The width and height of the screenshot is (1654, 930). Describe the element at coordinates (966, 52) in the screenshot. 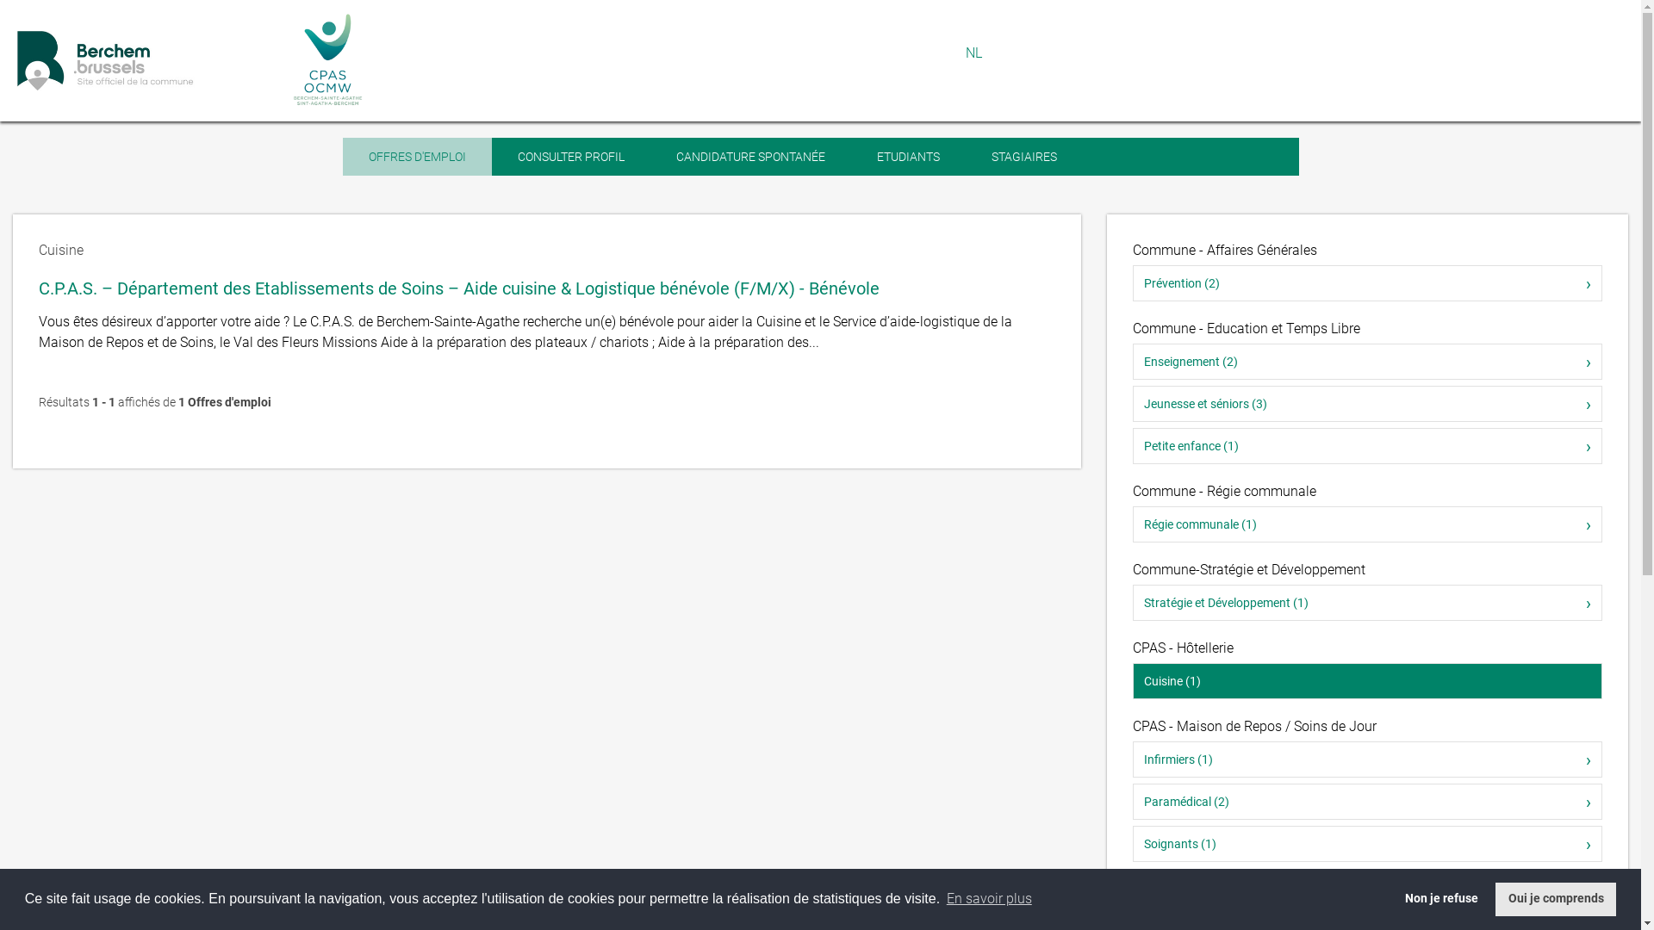

I see `'NL'` at that location.